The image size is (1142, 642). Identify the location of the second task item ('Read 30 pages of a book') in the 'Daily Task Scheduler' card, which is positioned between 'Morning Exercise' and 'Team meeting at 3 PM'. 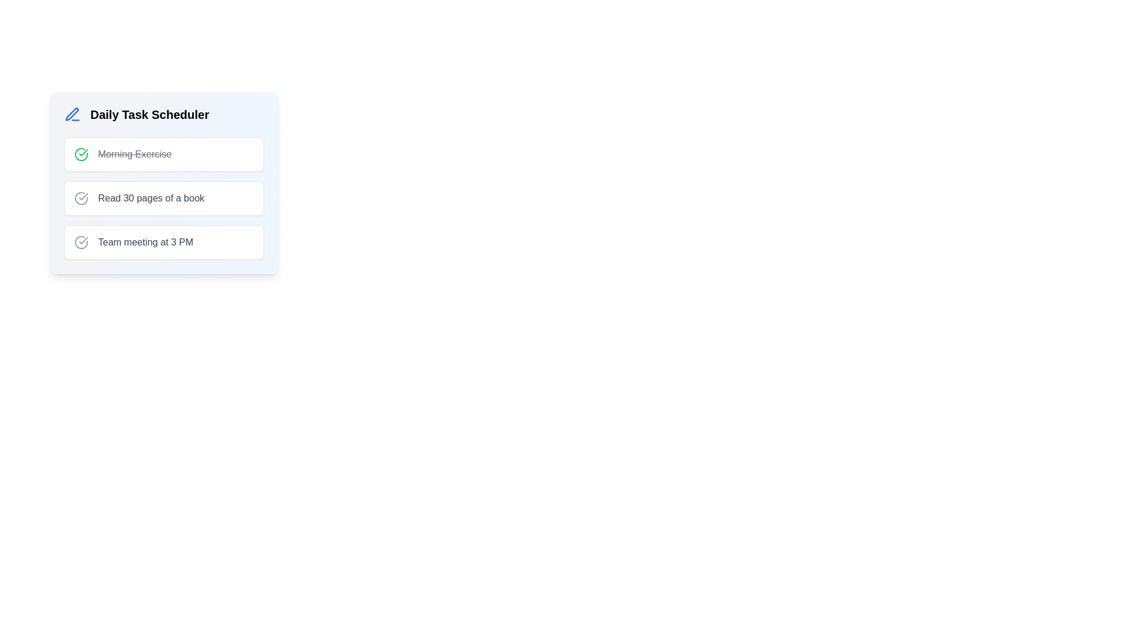
(163, 183).